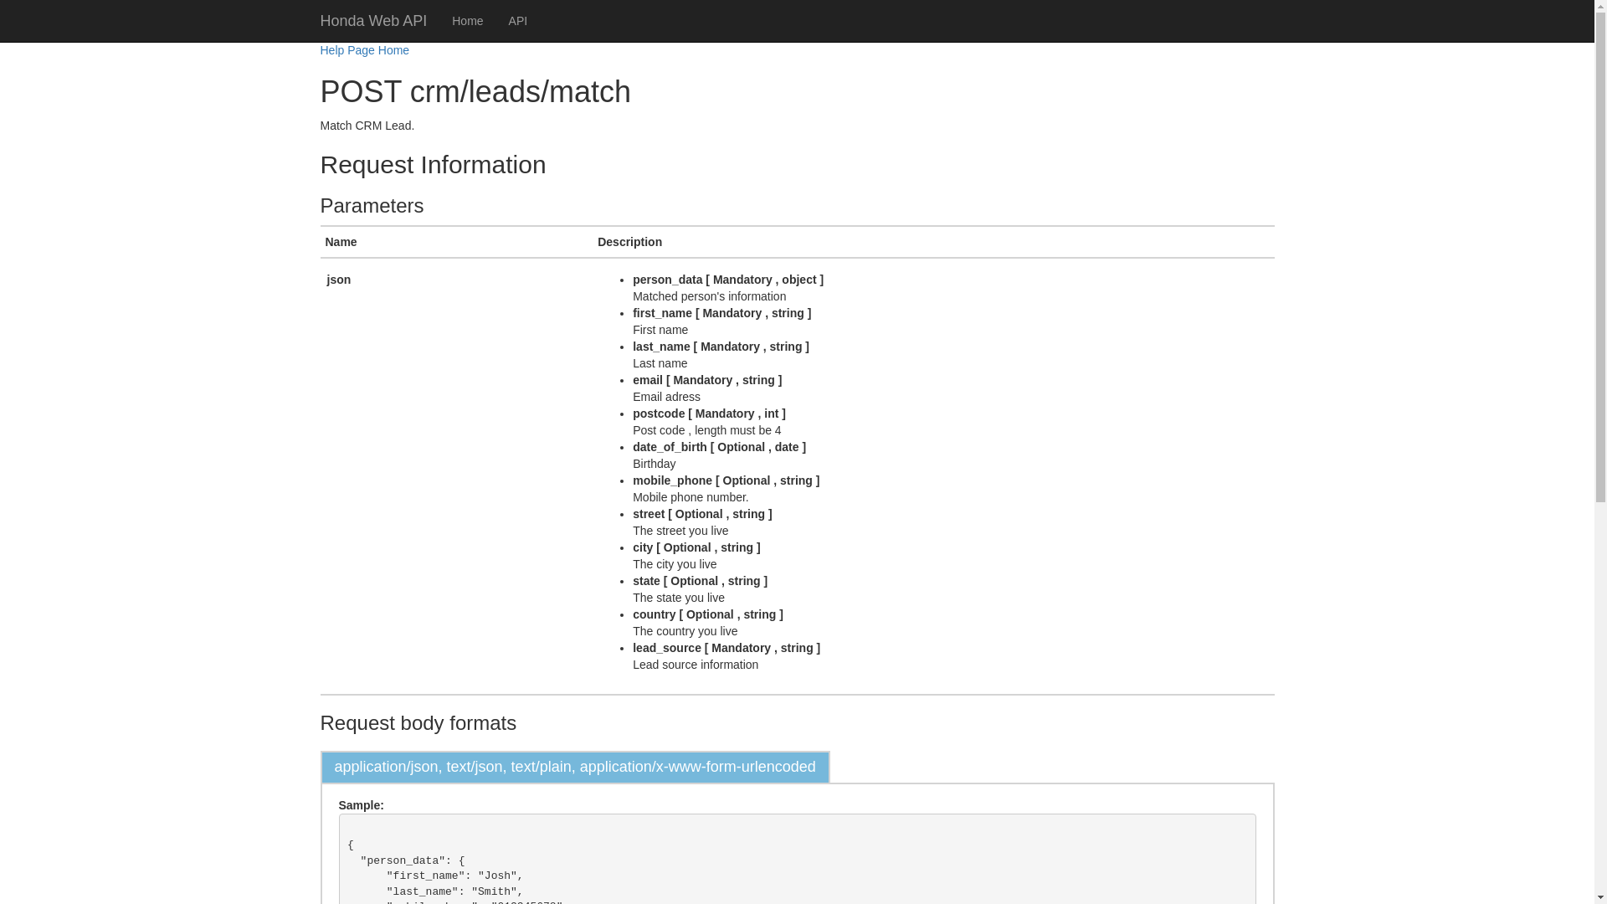 The image size is (1607, 904). What do you see at coordinates (517, 20) in the screenshot?
I see `'API'` at bounding box center [517, 20].